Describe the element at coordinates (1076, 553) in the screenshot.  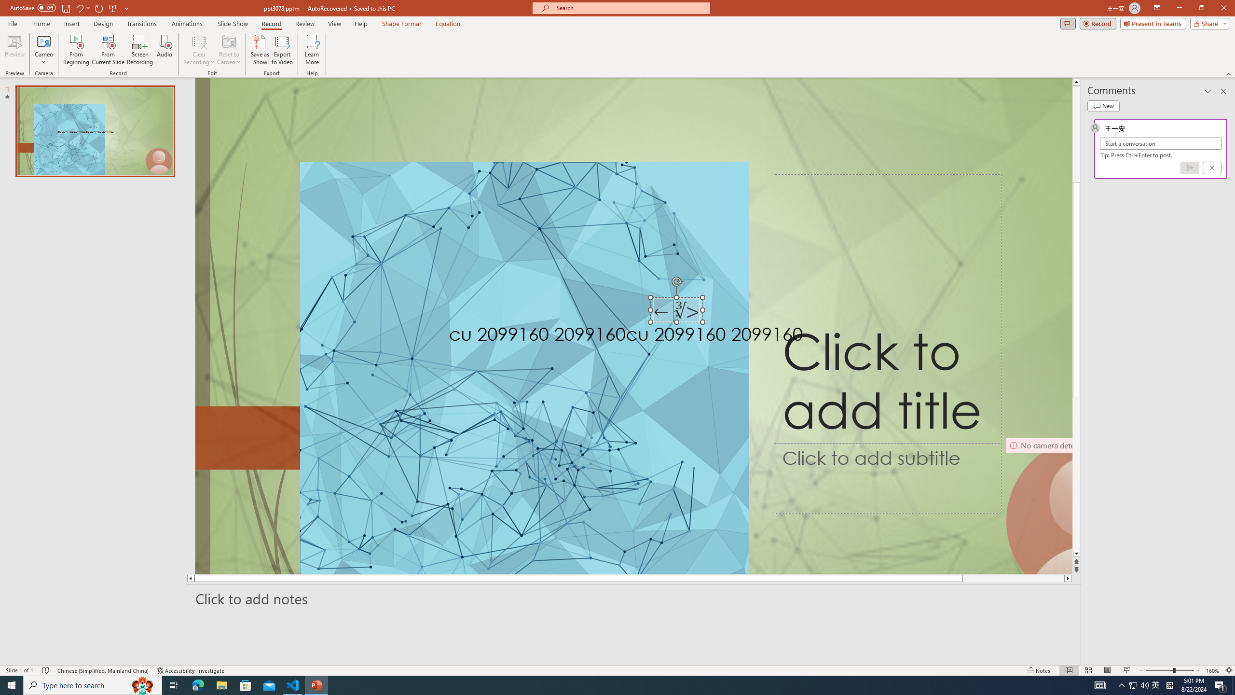
I see `'Line down'` at that location.